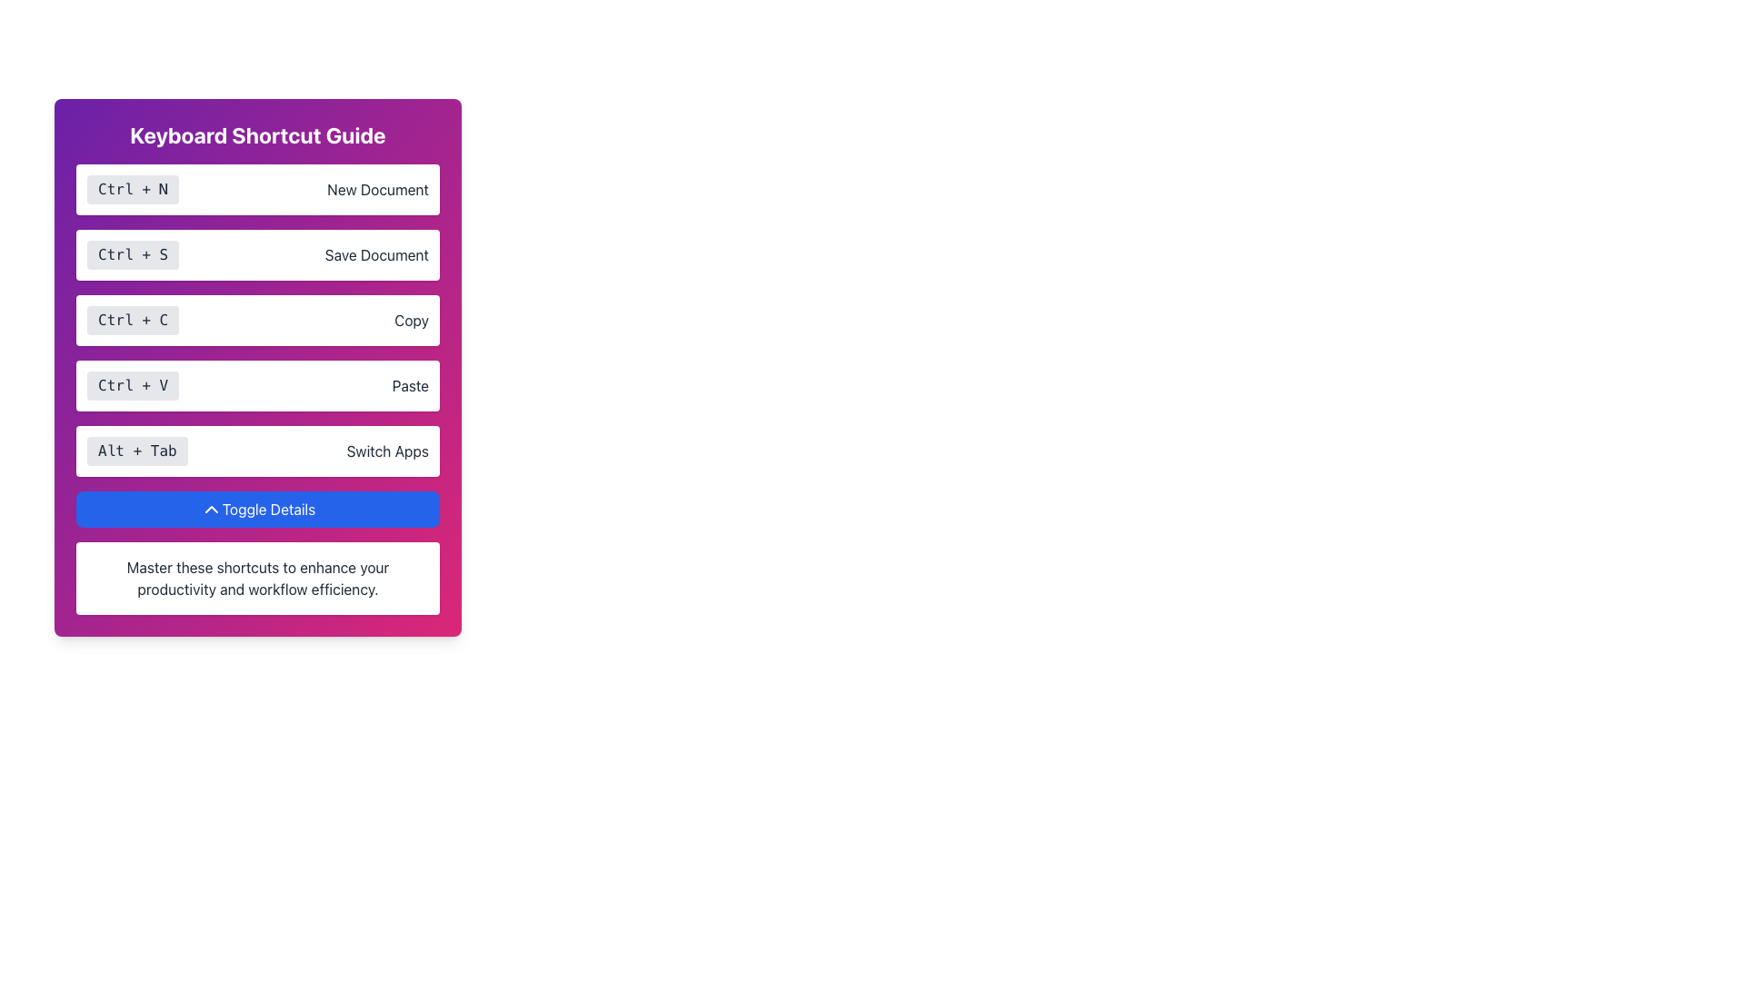  Describe the element at coordinates (409, 384) in the screenshot. I see `the 'Paste' text label which is styled in a subtle, readable font and positioned to the right of the 'Ctrl + V' keyboard shortcut information` at that location.